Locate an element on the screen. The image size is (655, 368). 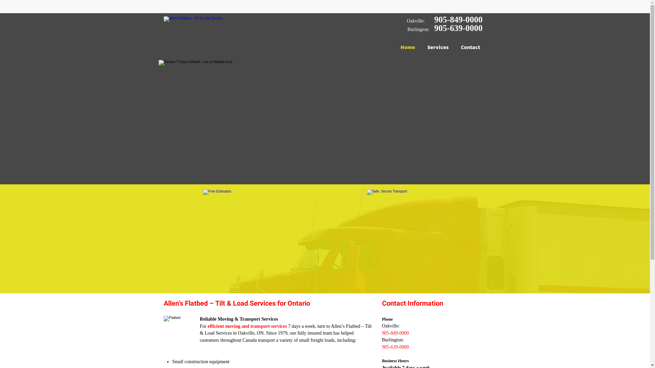
'Services' is located at coordinates (437, 47).